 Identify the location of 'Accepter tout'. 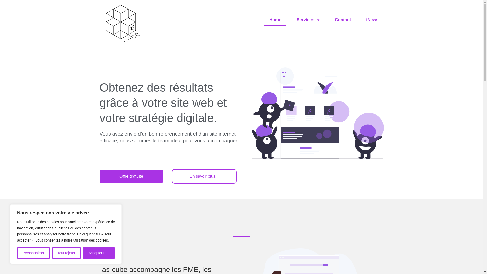
(99, 253).